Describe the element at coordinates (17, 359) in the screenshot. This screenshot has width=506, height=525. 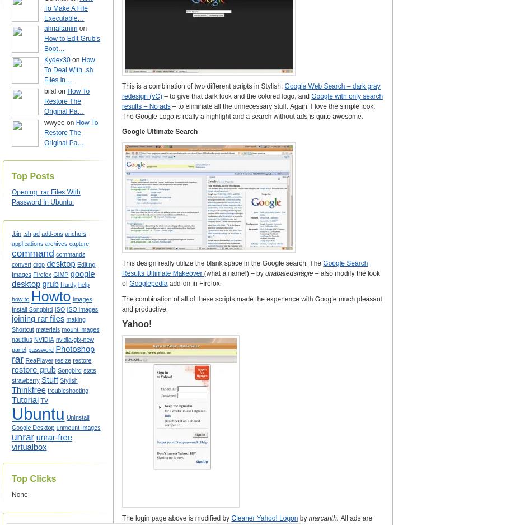
I see `'rar'` at that location.